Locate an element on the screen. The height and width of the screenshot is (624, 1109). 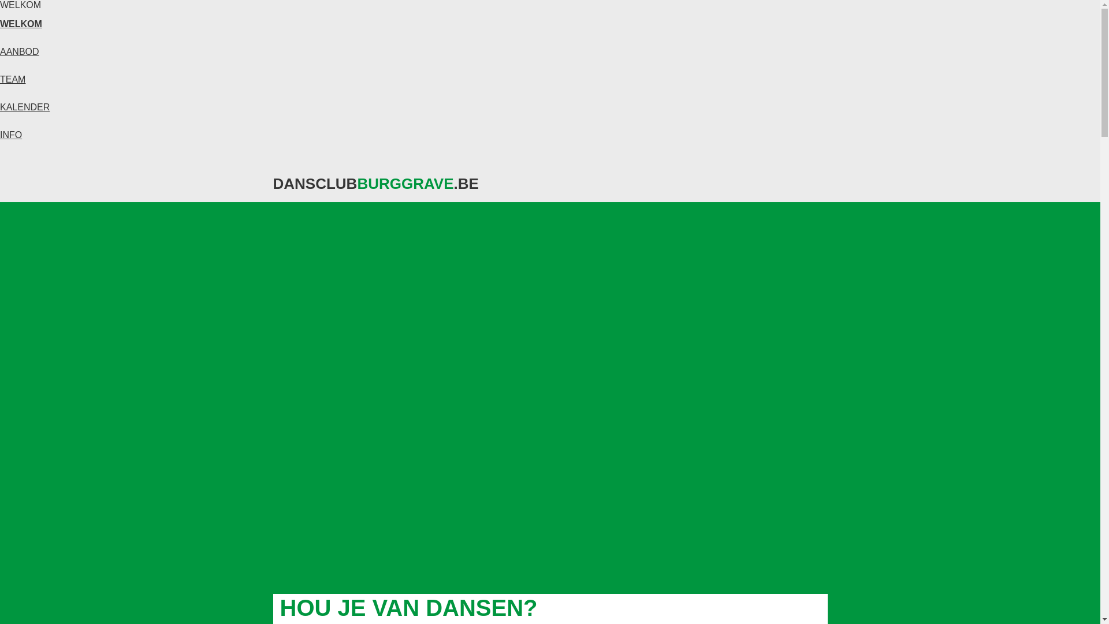
'KALENDER' is located at coordinates (25, 107).